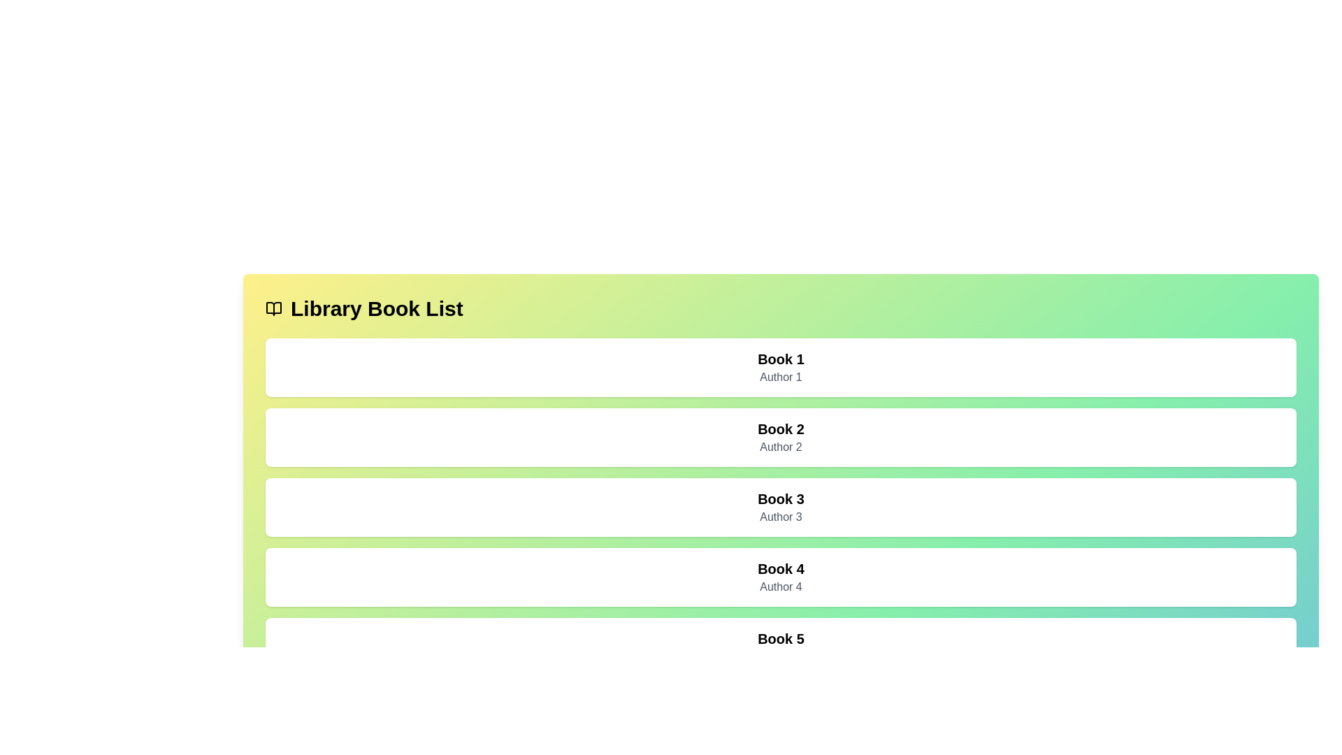  What do you see at coordinates (780, 366) in the screenshot?
I see `the first card in the vertical grid list of books, which has a white background and features the text 'Book 1' at the top` at bounding box center [780, 366].